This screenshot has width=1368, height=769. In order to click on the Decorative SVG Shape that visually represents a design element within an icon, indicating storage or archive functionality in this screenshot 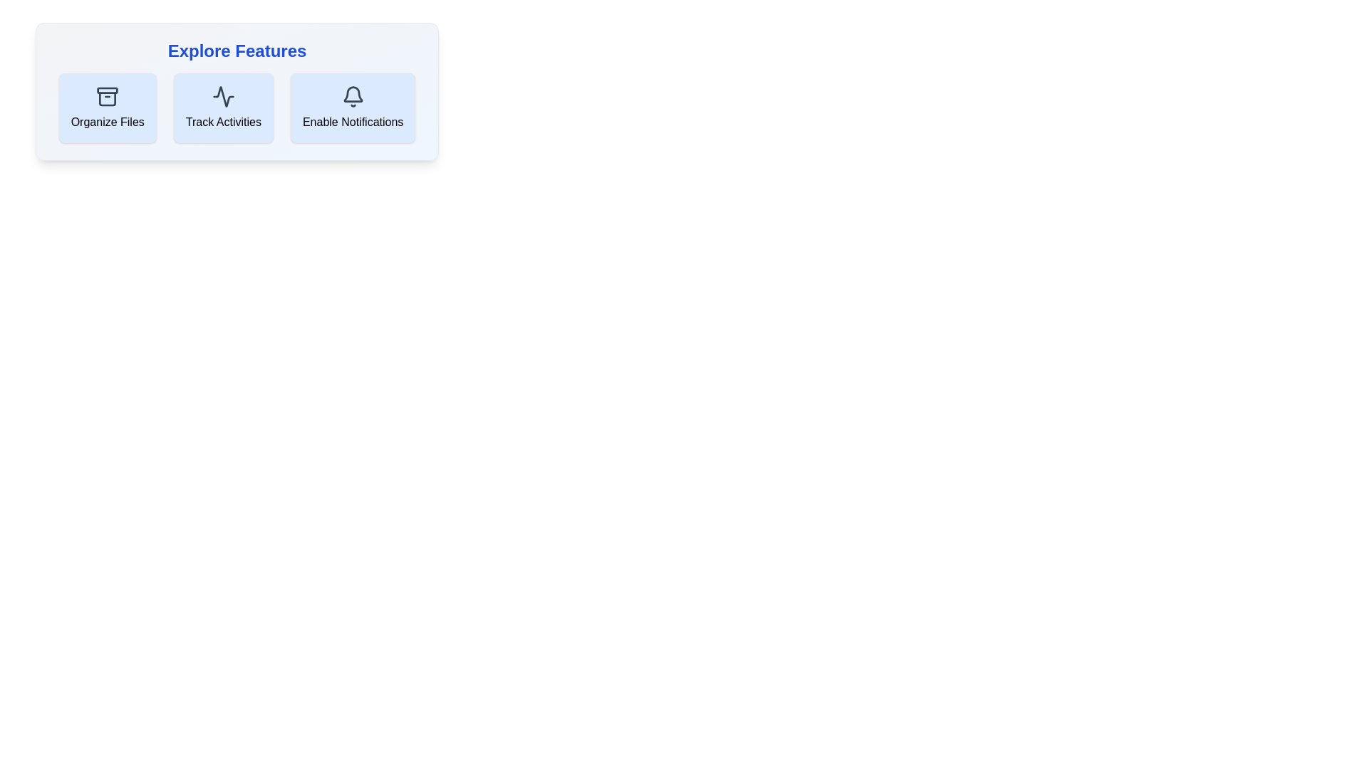, I will do `click(107, 90)`.